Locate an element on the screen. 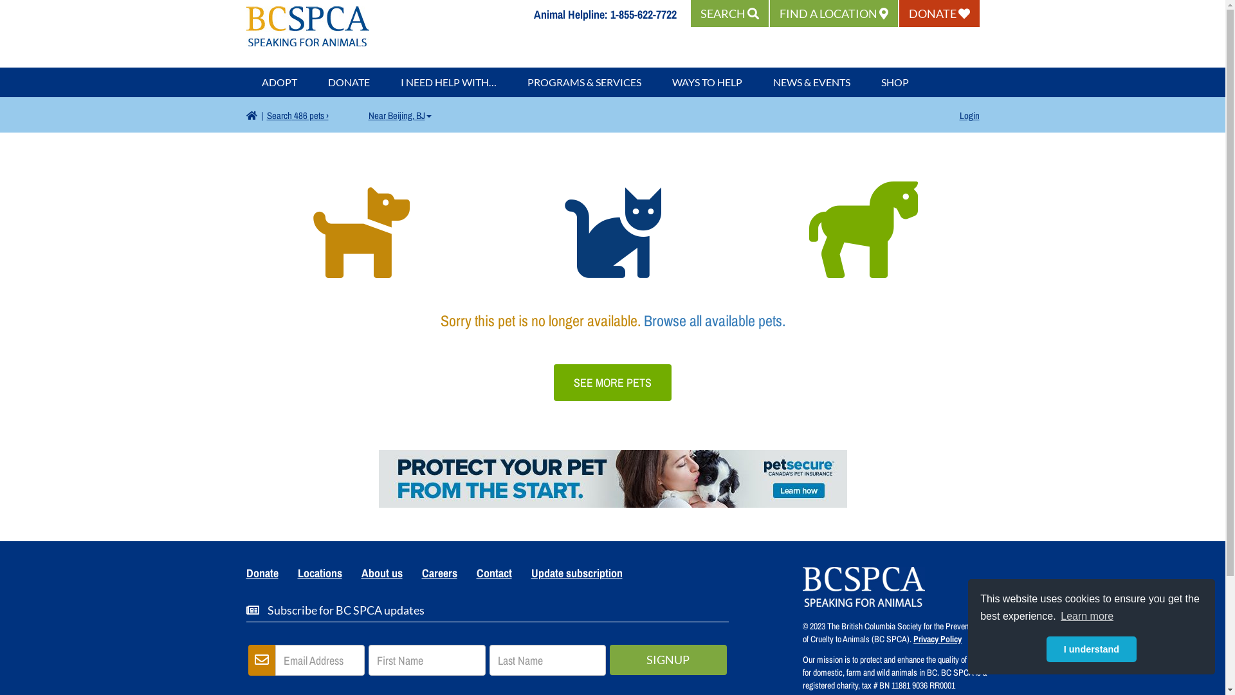  'NEWS & EVENTS' is located at coordinates (811, 82).